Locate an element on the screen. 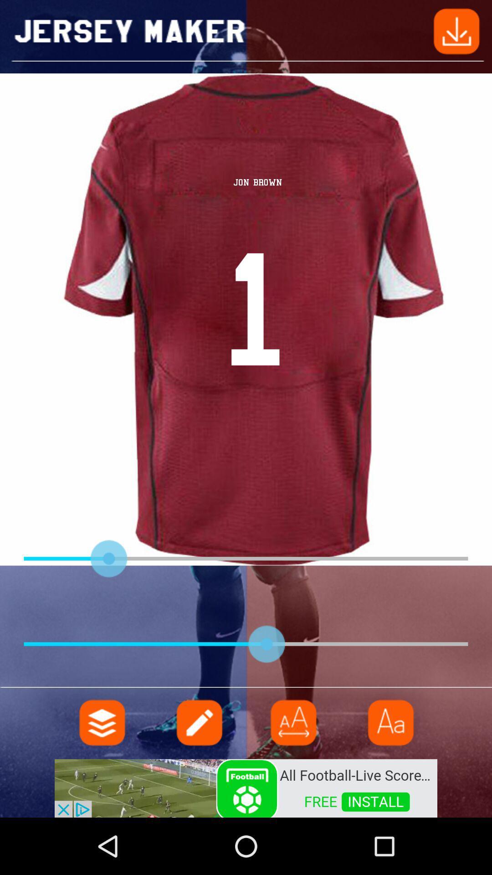 This screenshot has height=875, width=492. menu page is located at coordinates (102, 722).